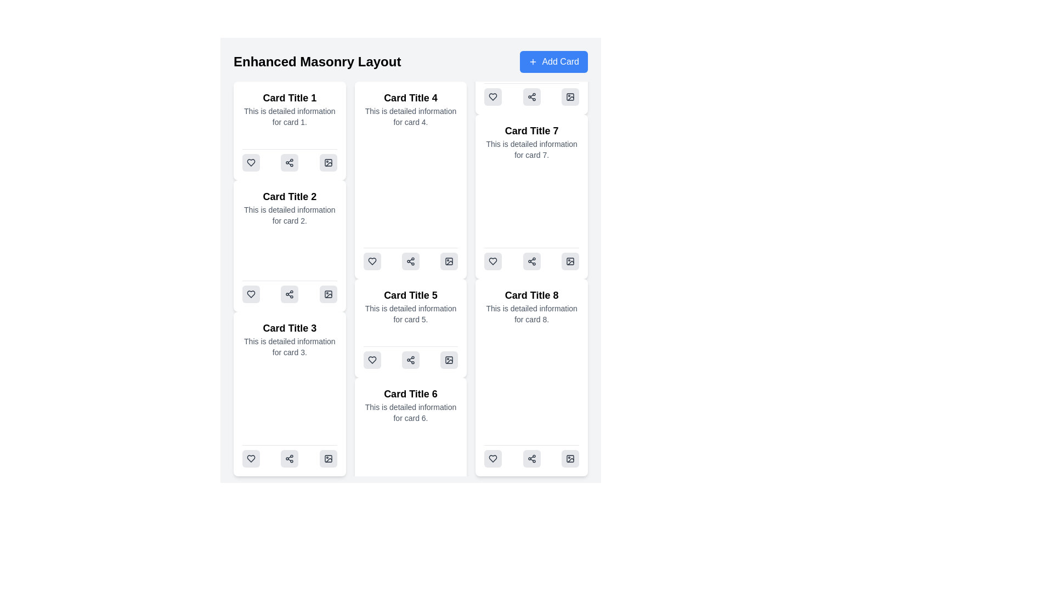 This screenshot has height=592, width=1053. I want to click on the leftmost heart-shaped icon within the footer section of the card labeled 'Card Title 8', so click(492, 459).